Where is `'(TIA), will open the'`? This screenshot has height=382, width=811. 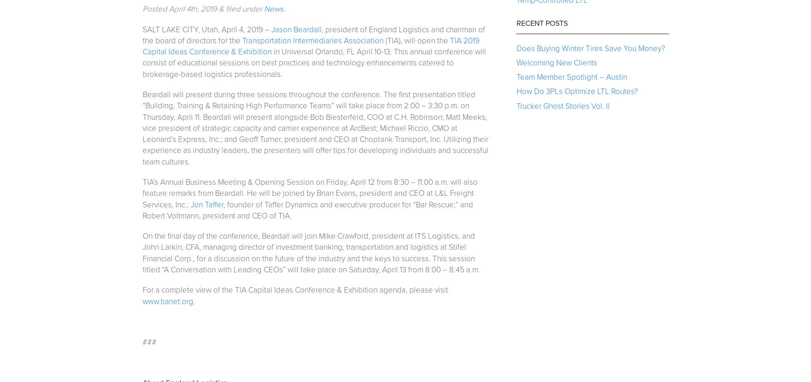 '(TIA), will open the' is located at coordinates (416, 40).